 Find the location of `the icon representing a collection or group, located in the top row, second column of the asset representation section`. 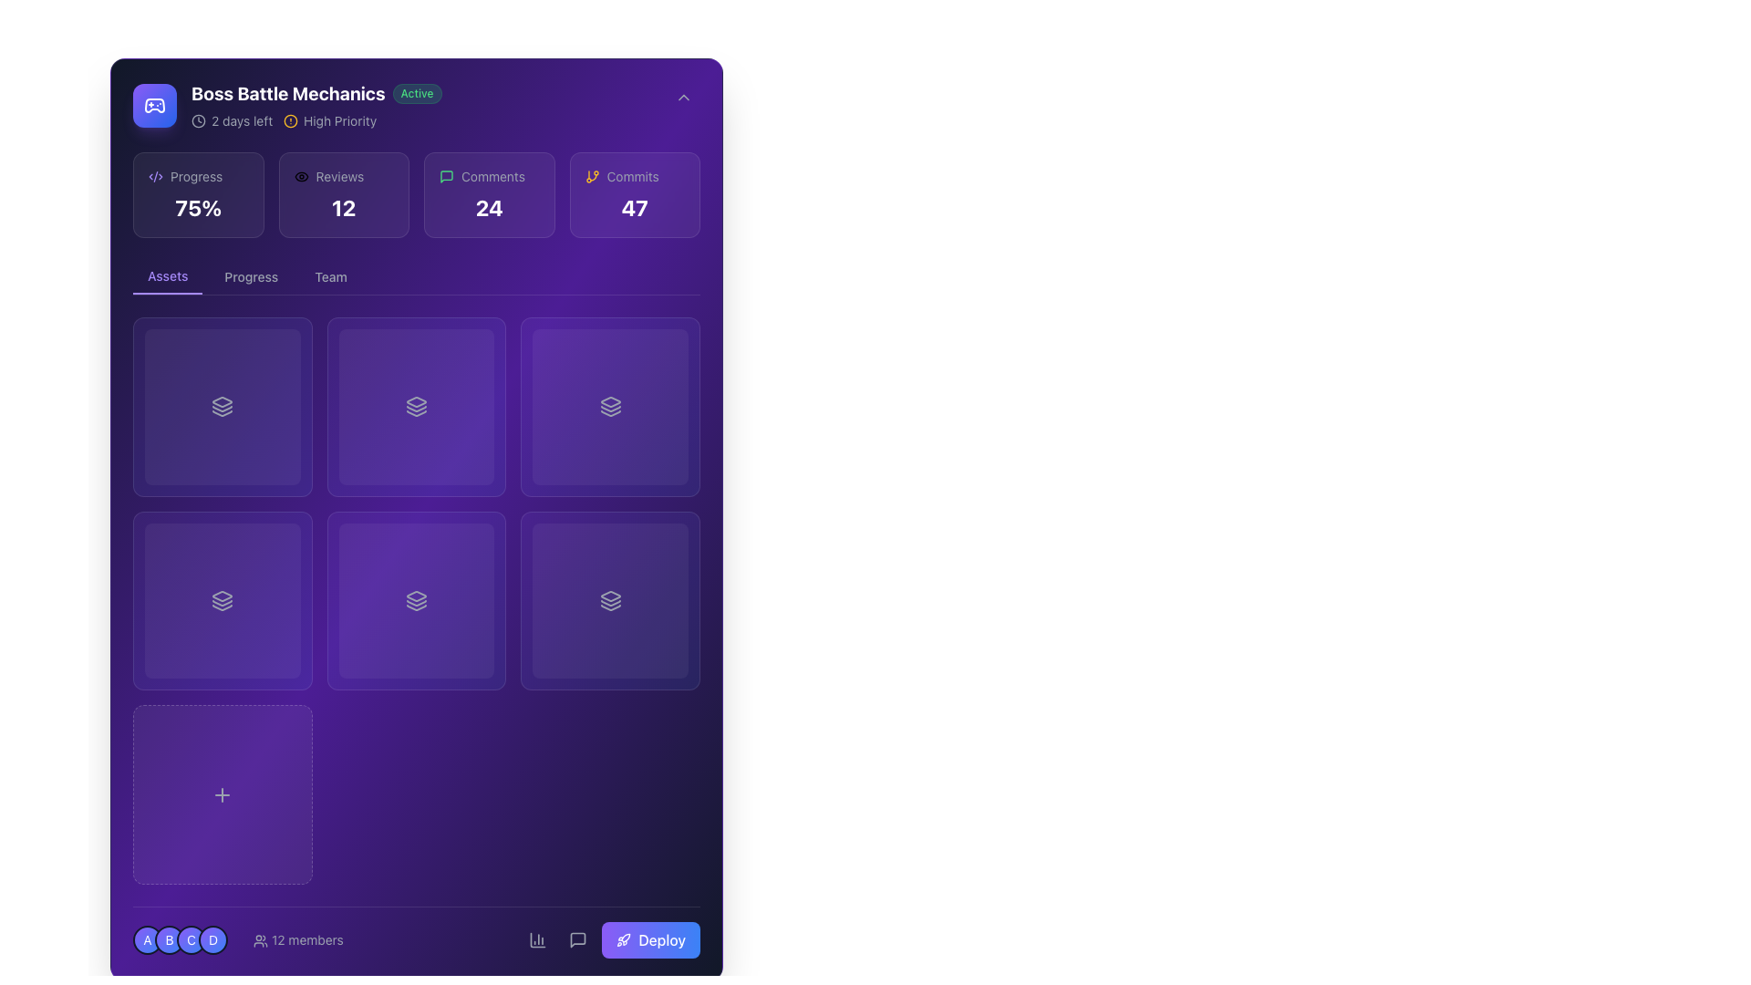

the icon representing a collection or group, located in the top row, second column of the asset representation section is located at coordinates (415, 406).